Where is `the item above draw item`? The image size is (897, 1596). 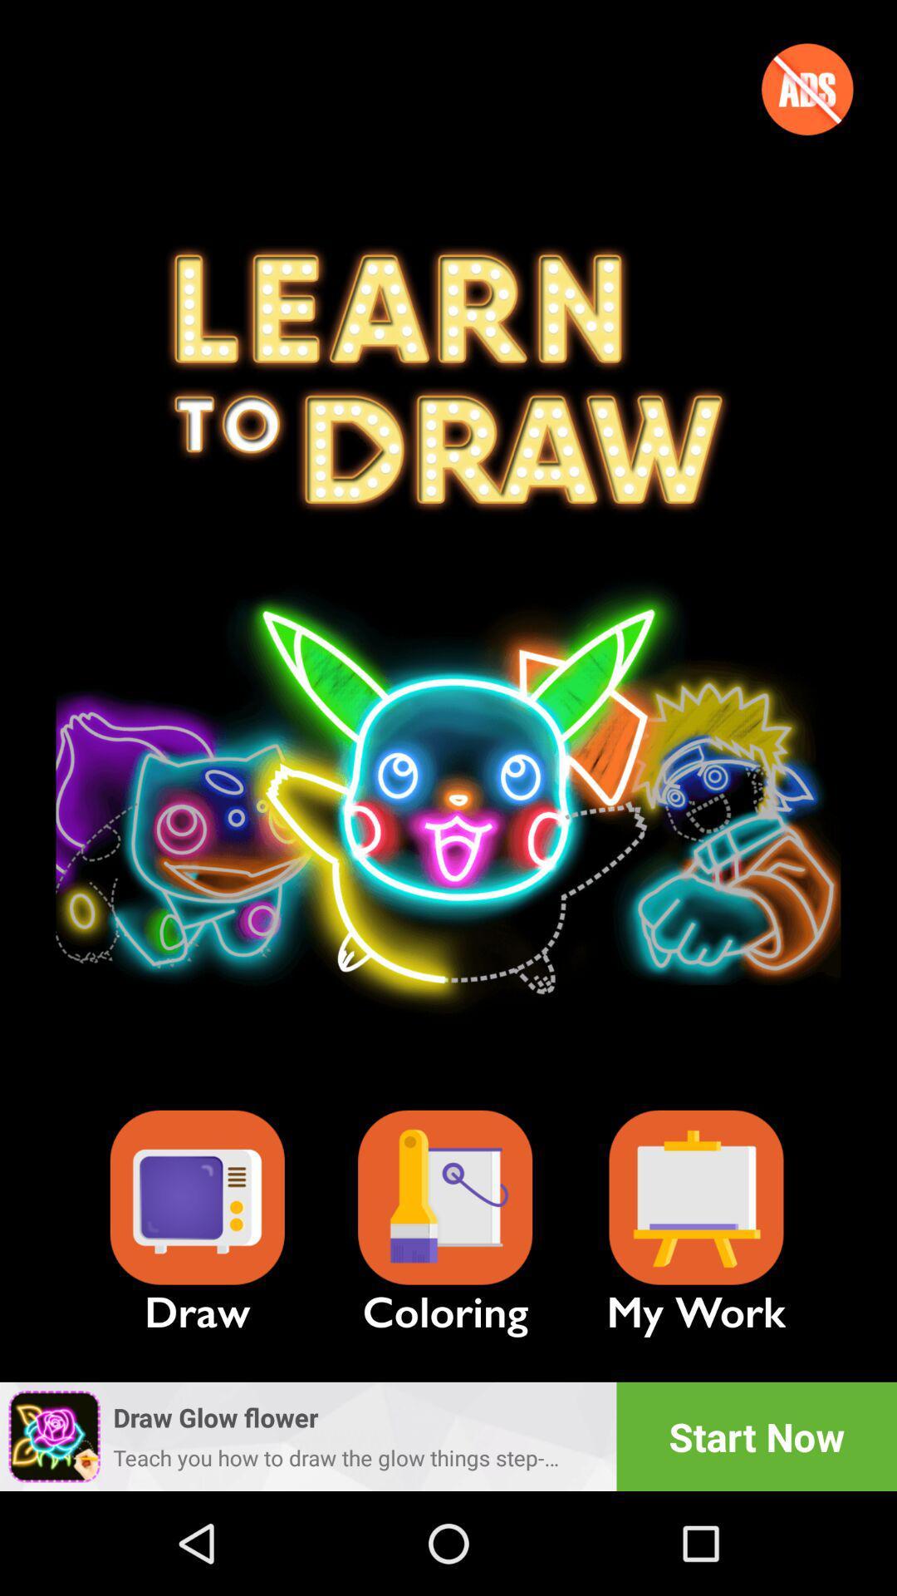
the item above draw item is located at coordinates (196, 1198).